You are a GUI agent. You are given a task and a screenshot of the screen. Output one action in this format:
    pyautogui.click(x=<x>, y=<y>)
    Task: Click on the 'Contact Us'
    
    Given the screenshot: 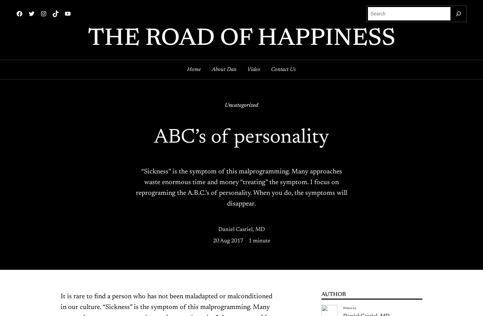 What is the action you would take?
    pyautogui.click(x=283, y=69)
    